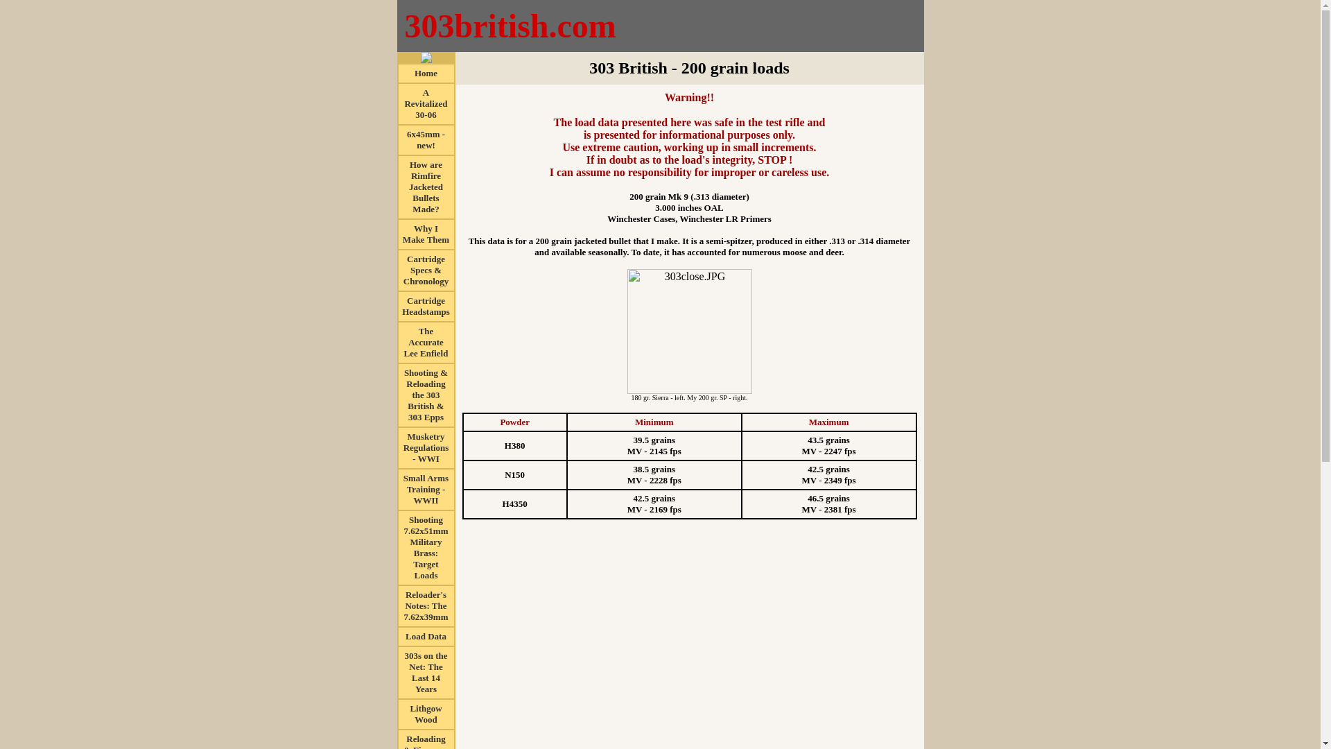 This screenshot has height=749, width=1331. I want to click on 'Why I Make Them', so click(425, 232).